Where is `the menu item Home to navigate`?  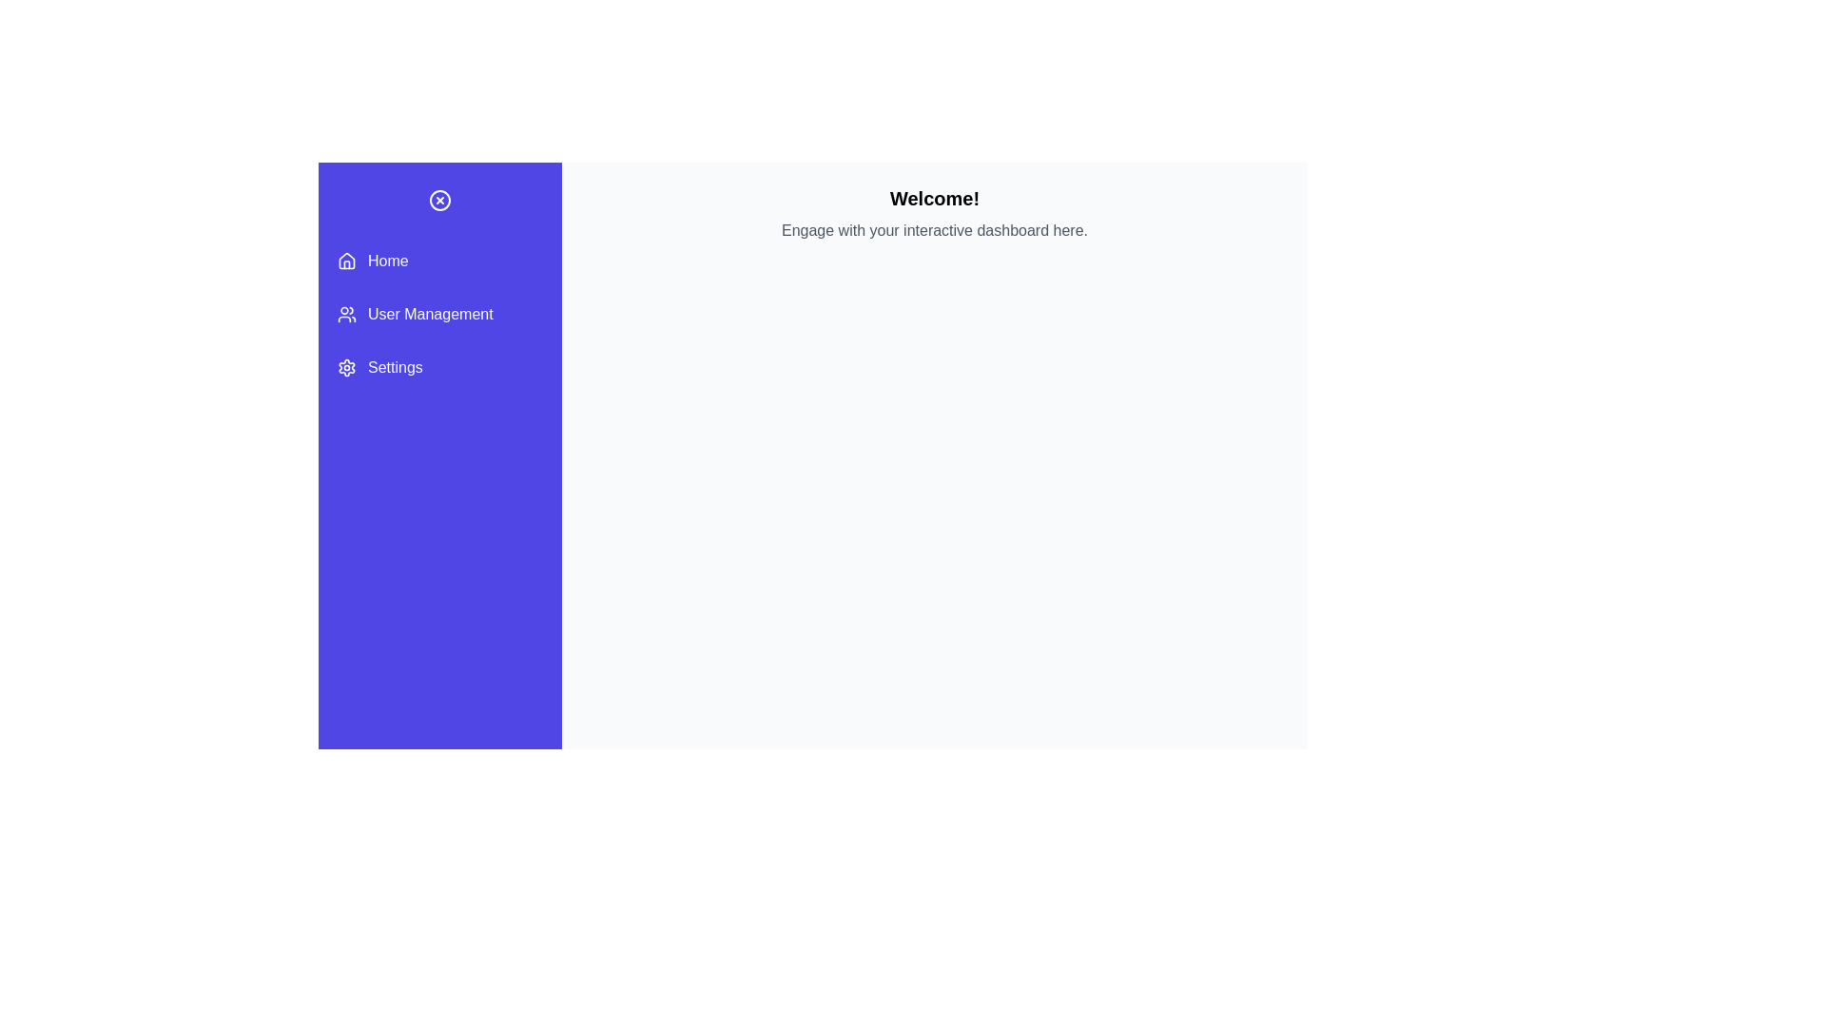 the menu item Home to navigate is located at coordinates (438, 261).